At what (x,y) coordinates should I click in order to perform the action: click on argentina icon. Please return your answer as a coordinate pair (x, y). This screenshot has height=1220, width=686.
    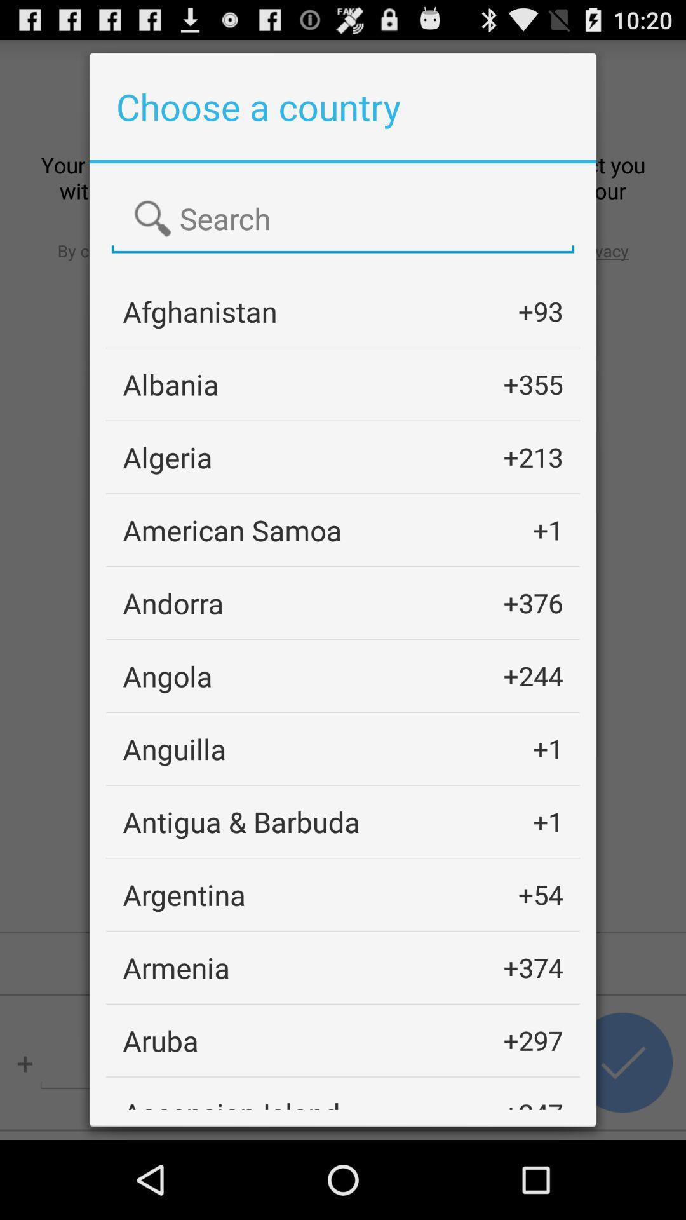
    Looking at the image, I should click on (184, 894).